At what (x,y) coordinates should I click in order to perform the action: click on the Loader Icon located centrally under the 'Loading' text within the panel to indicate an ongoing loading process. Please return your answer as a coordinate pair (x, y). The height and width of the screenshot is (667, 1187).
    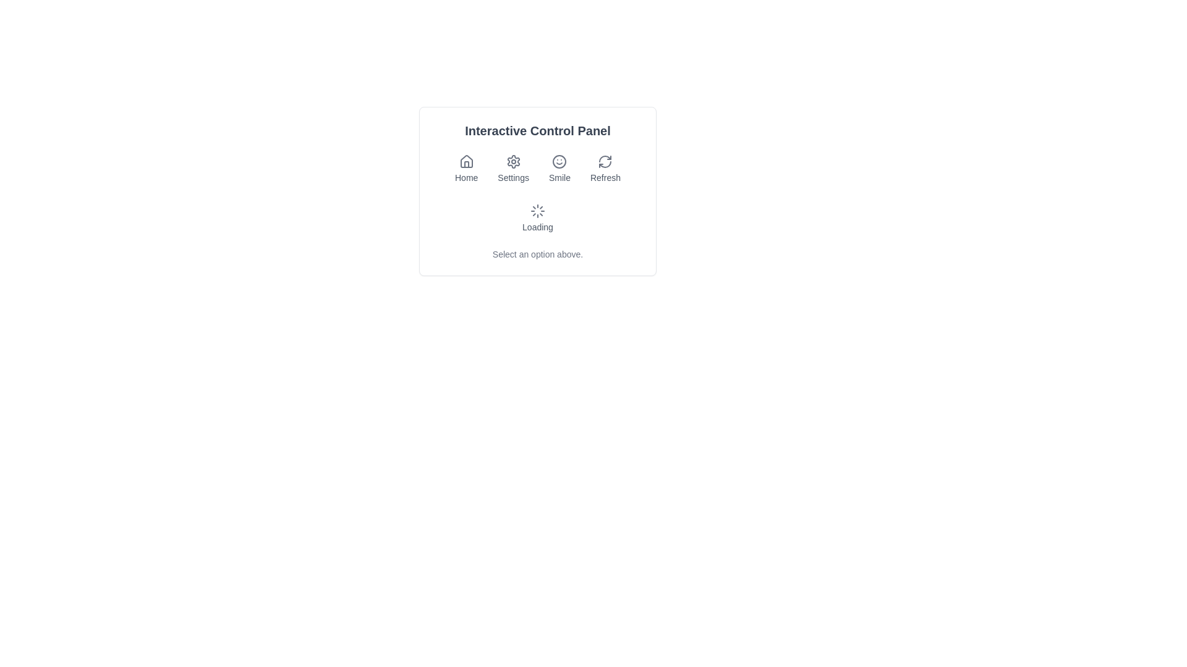
    Looking at the image, I should click on (537, 211).